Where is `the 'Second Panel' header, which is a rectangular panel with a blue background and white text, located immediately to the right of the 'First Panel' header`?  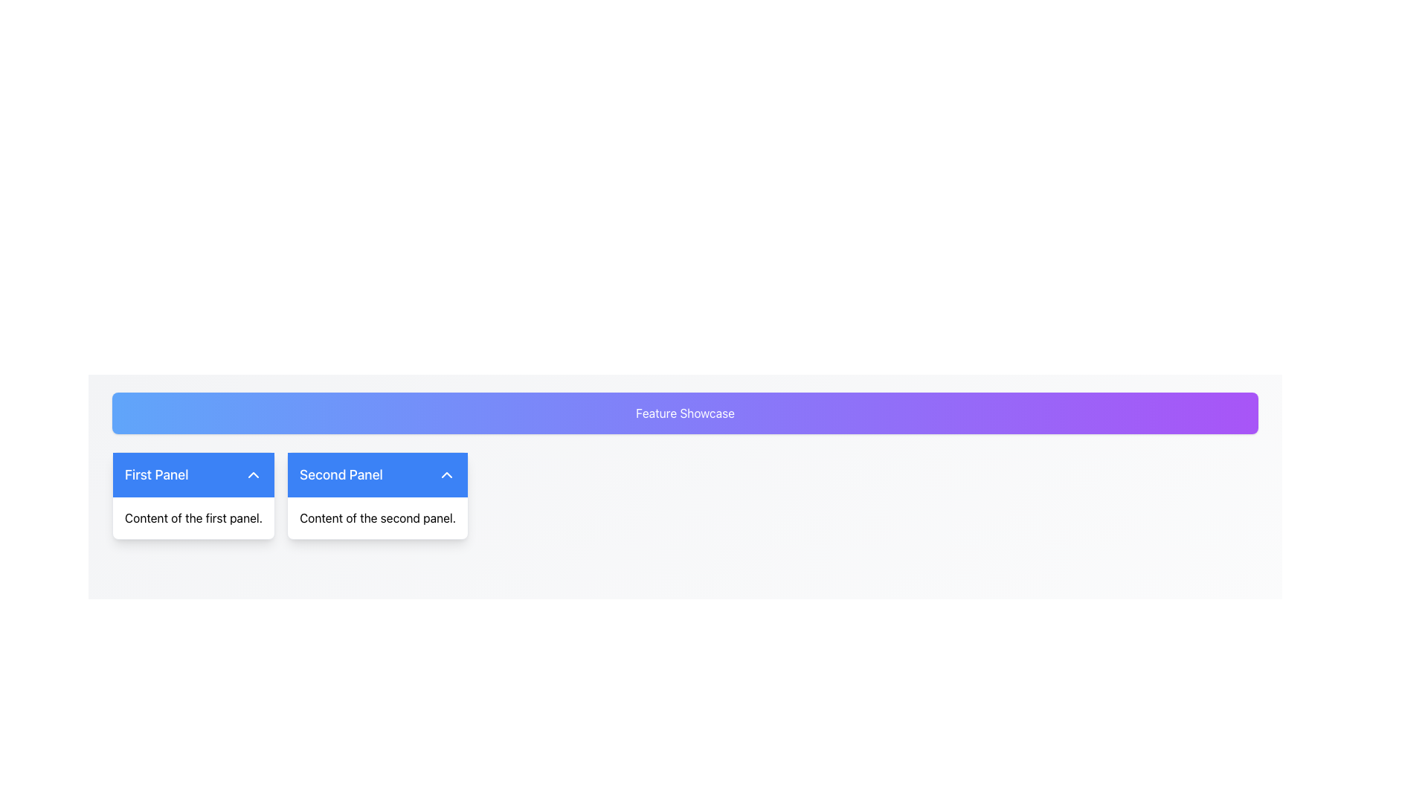
the 'Second Panel' header, which is a rectangular panel with a blue background and white text, located immediately to the right of the 'First Panel' header is located at coordinates (378, 475).